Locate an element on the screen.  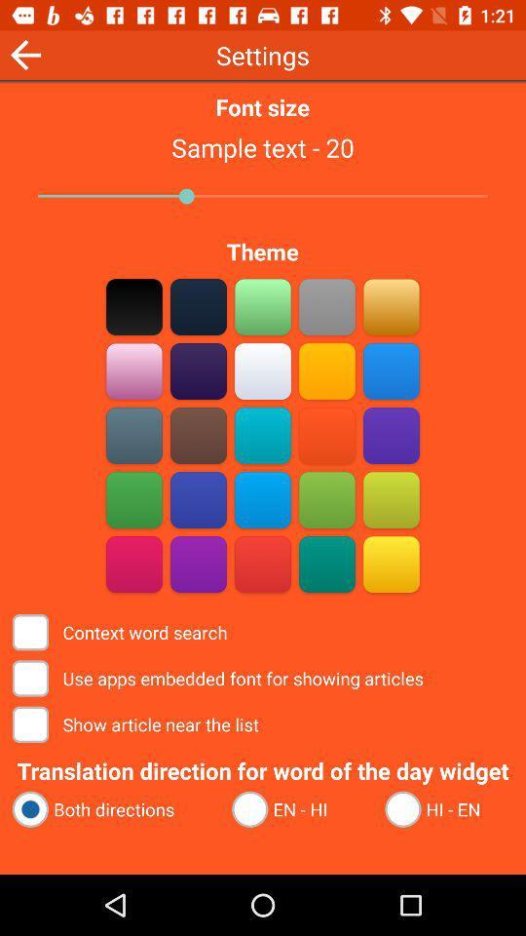
the both directions radio button is located at coordinates (113, 809).